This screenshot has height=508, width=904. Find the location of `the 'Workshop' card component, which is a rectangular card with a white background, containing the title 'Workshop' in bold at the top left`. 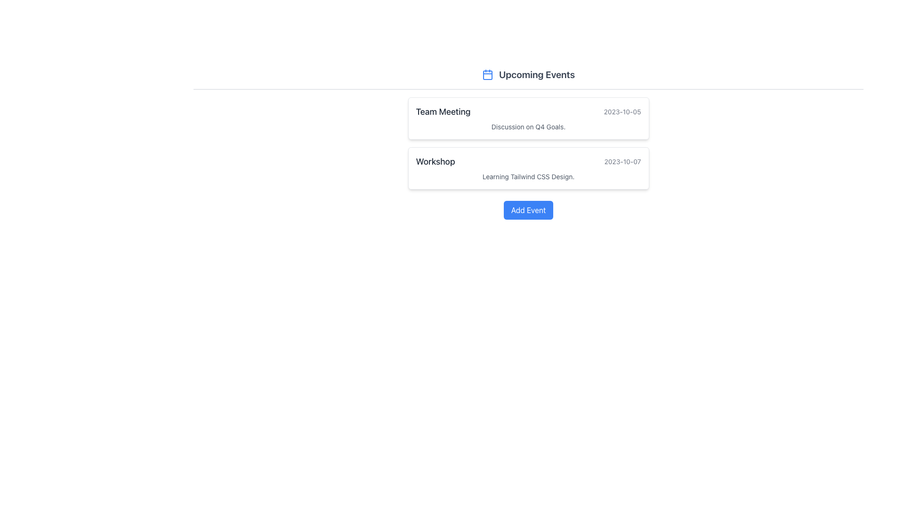

the 'Workshop' card component, which is a rectangular card with a white background, containing the title 'Workshop' in bold at the top left is located at coordinates (528, 168).